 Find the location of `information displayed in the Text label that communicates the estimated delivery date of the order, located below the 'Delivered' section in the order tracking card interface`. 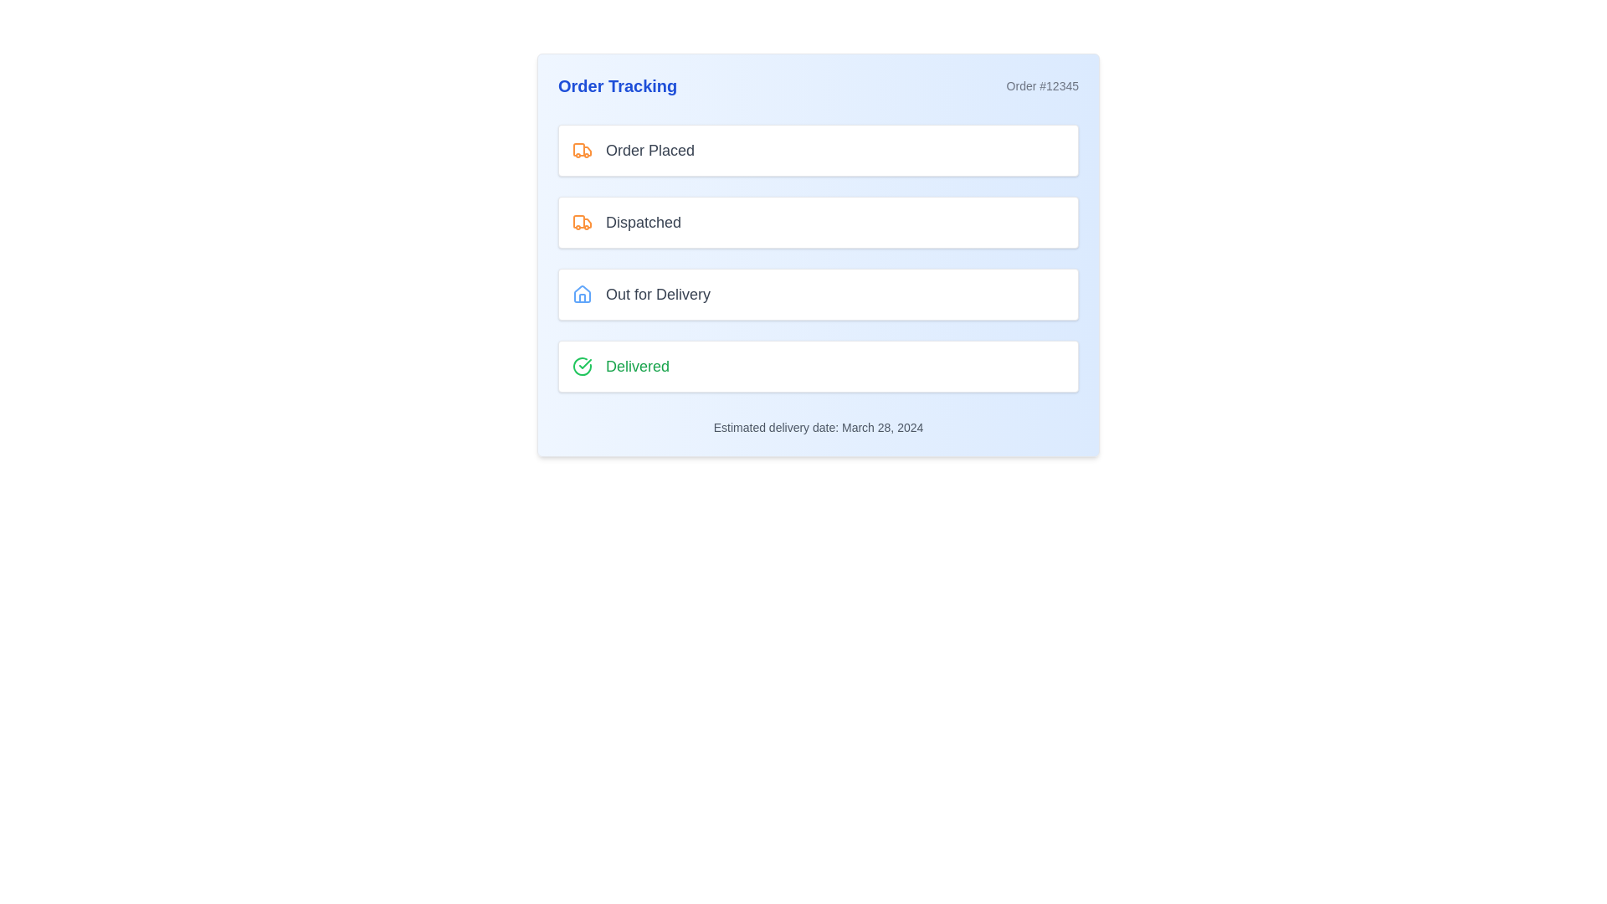

information displayed in the Text label that communicates the estimated delivery date of the order, located below the 'Delivered' section in the order tracking card interface is located at coordinates (819, 426).